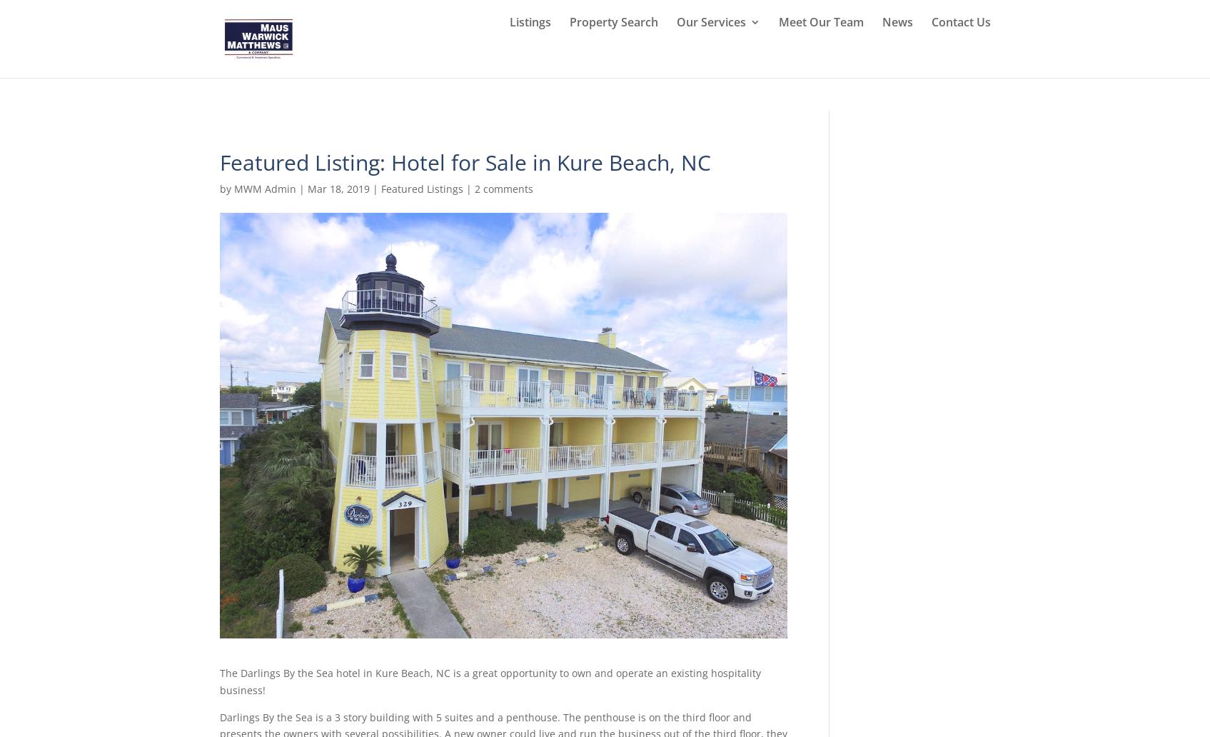 This screenshot has height=737, width=1210. What do you see at coordinates (233, 189) in the screenshot?
I see `'MWM Admin'` at bounding box center [233, 189].